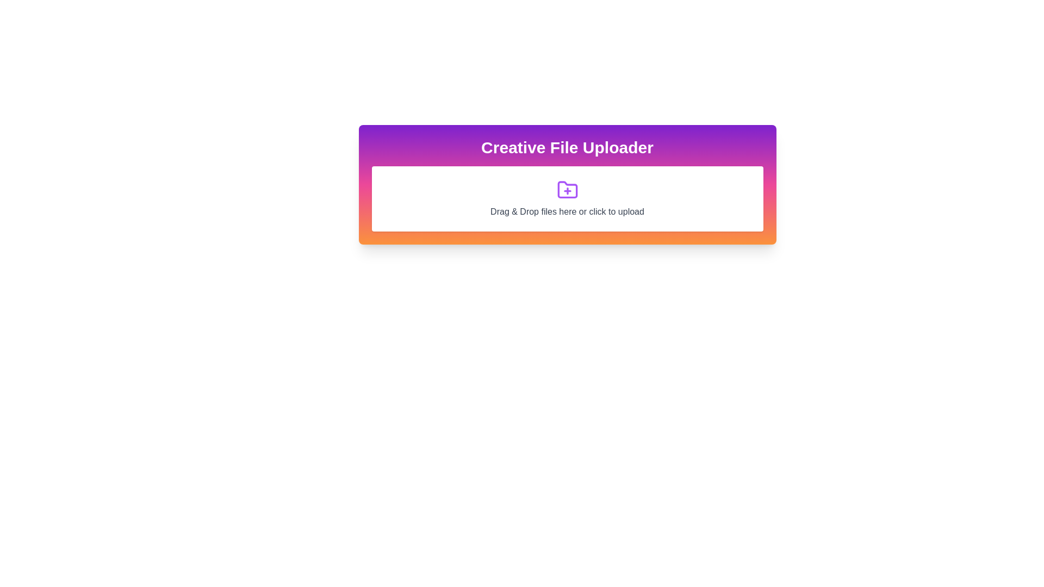 The height and width of the screenshot is (587, 1044). Describe the element at coordinates (567, 211) in the screenshot. I see `text content of the text label displaying 'Drag & Drop files here or click to upload', which is located beneath a purple icon in the file uploader interface` at that location.